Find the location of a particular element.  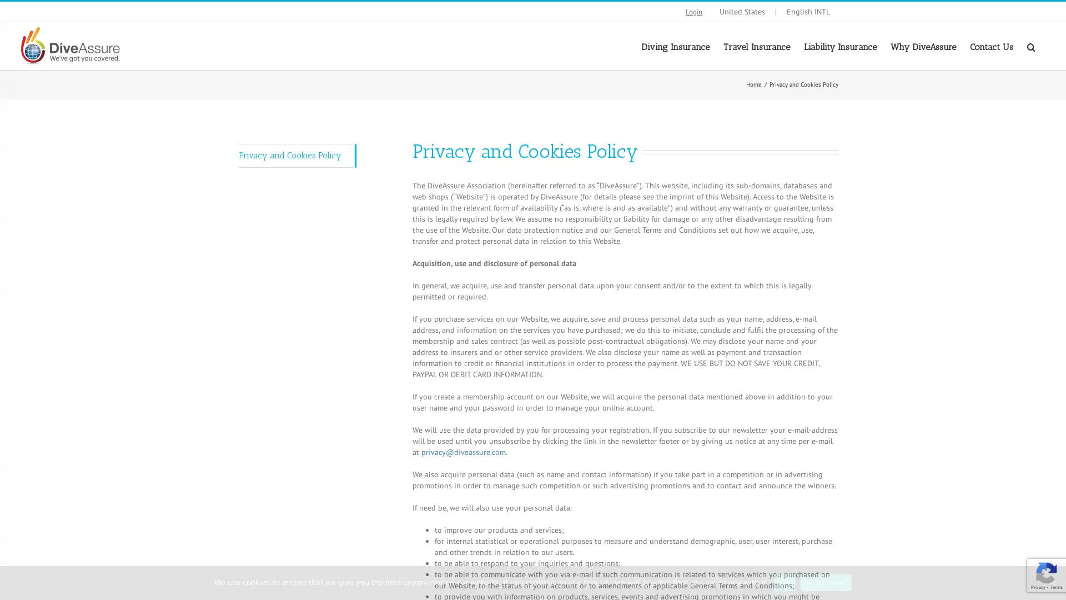

Search is located at coordinates (1030, 46).